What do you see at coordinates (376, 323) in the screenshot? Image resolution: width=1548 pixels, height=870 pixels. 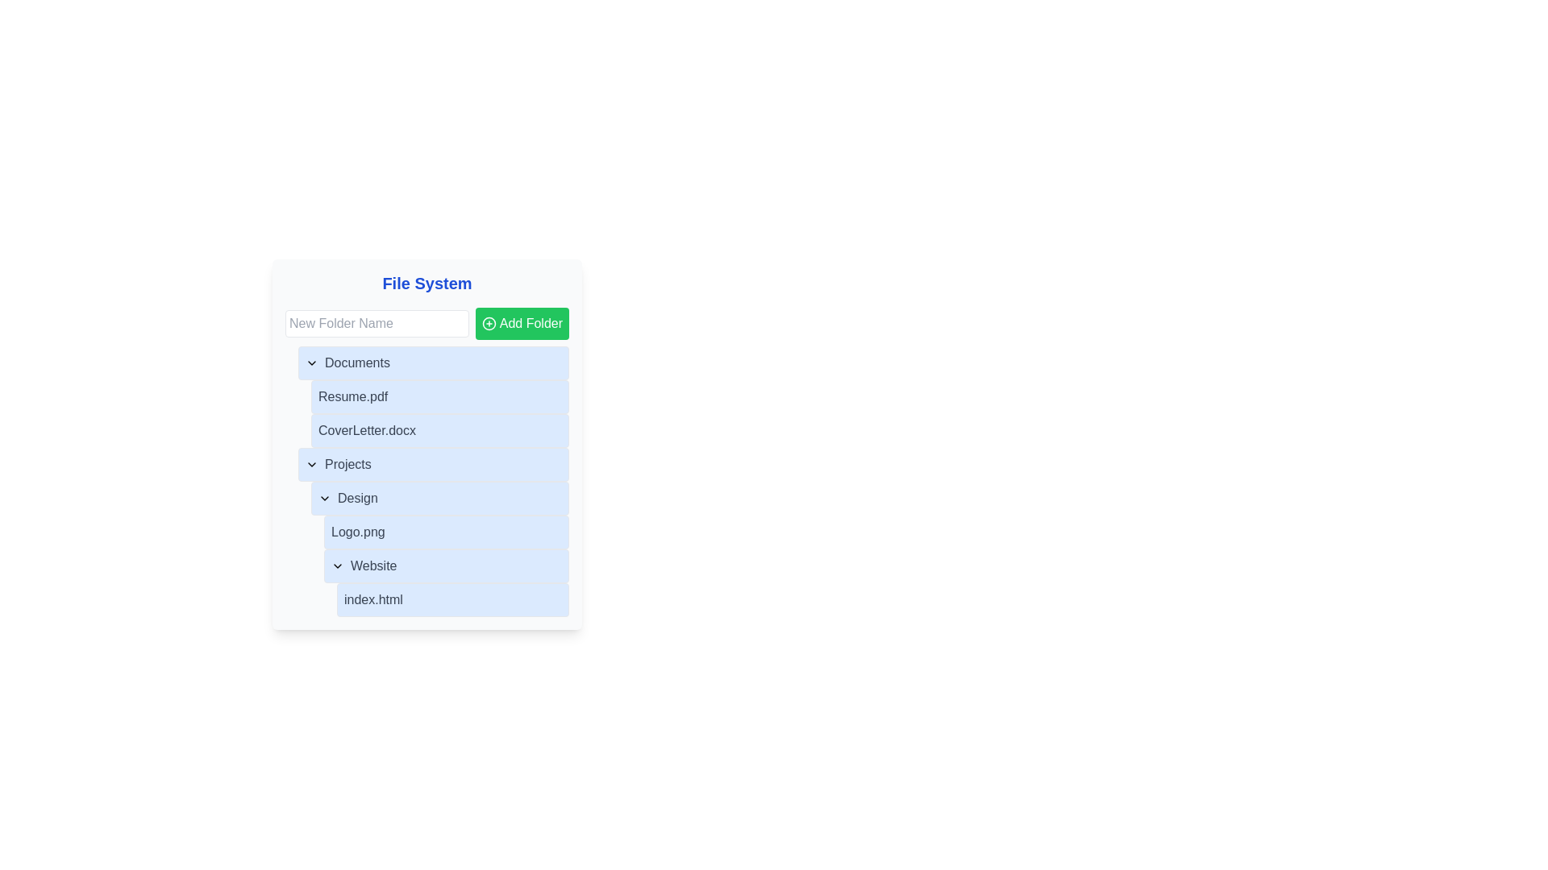 I see `the text input field located to the left under the 'File System' title to focus it for entering a new folder name` at bounding box center [376, 323].